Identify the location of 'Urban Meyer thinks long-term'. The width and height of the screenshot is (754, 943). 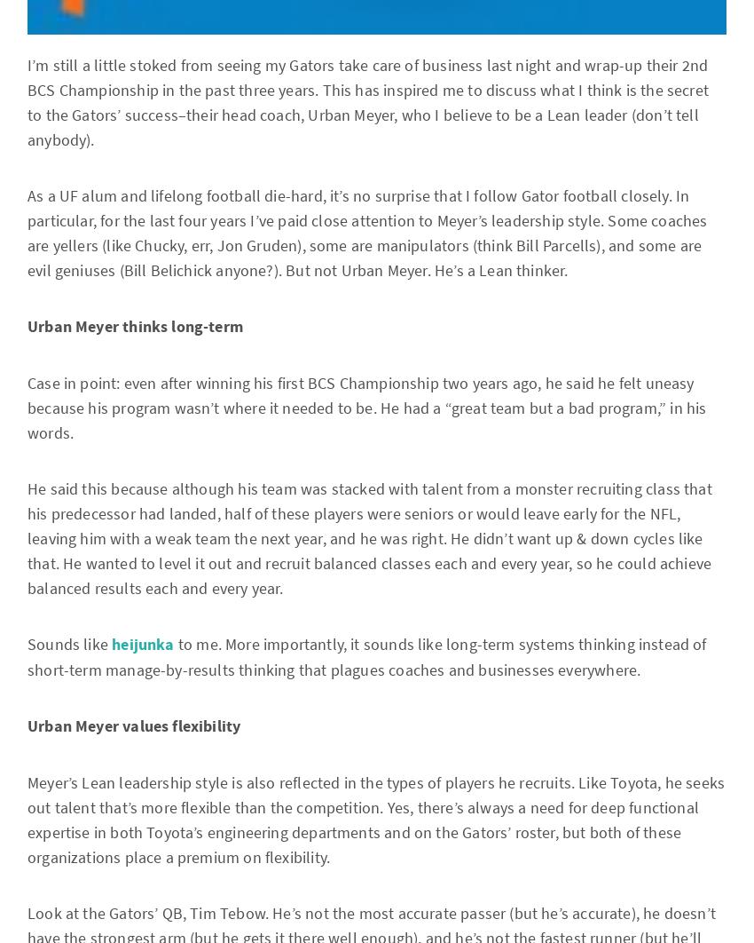
(135, 326).